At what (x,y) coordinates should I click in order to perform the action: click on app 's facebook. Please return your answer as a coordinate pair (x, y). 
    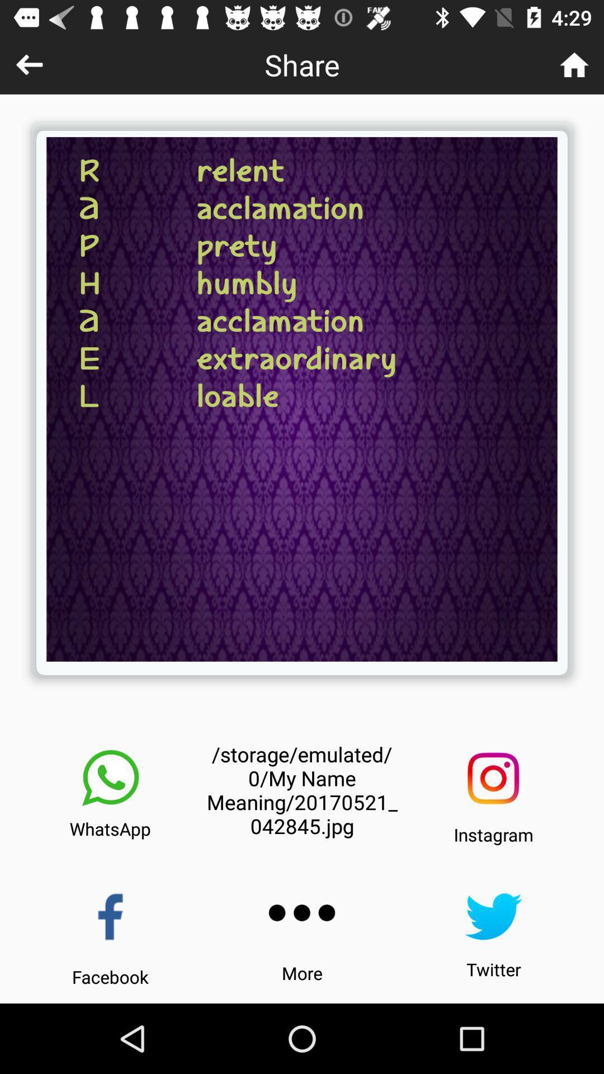
    Looking at the image, I should click on (110, 917).